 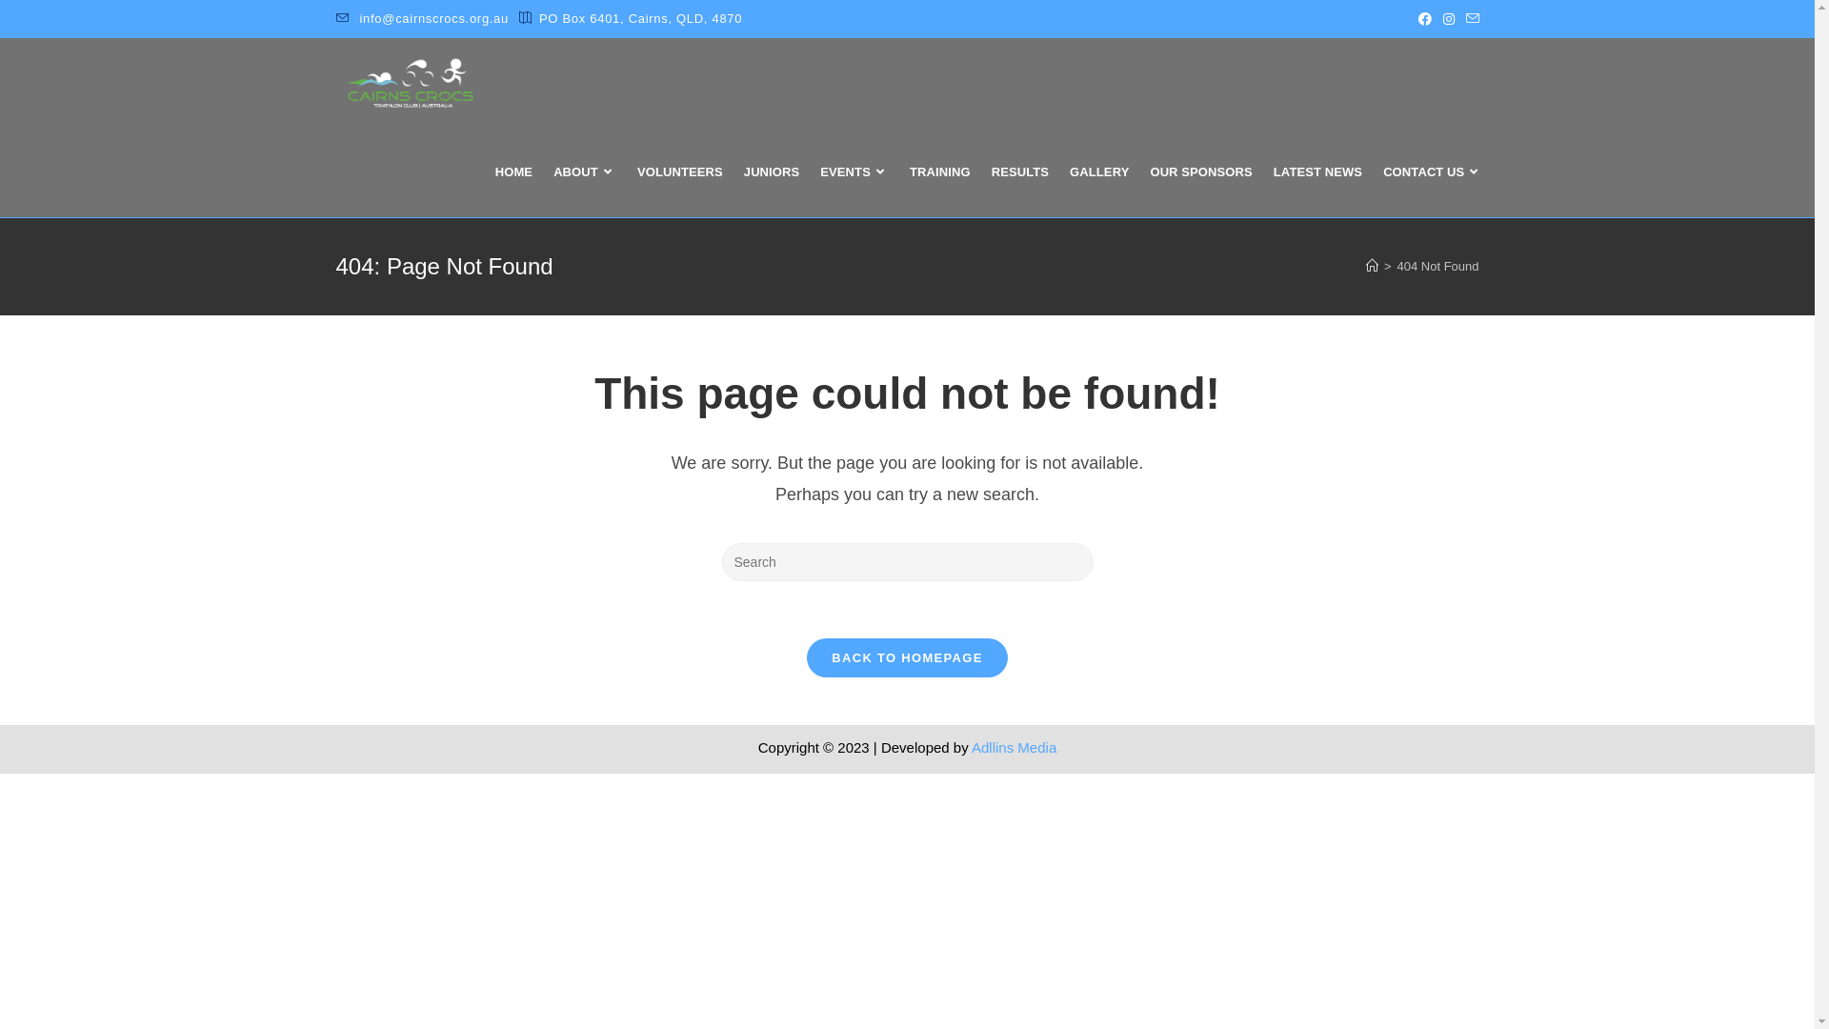 I want to click on 'TRAINING', so click(x=940, y=172).